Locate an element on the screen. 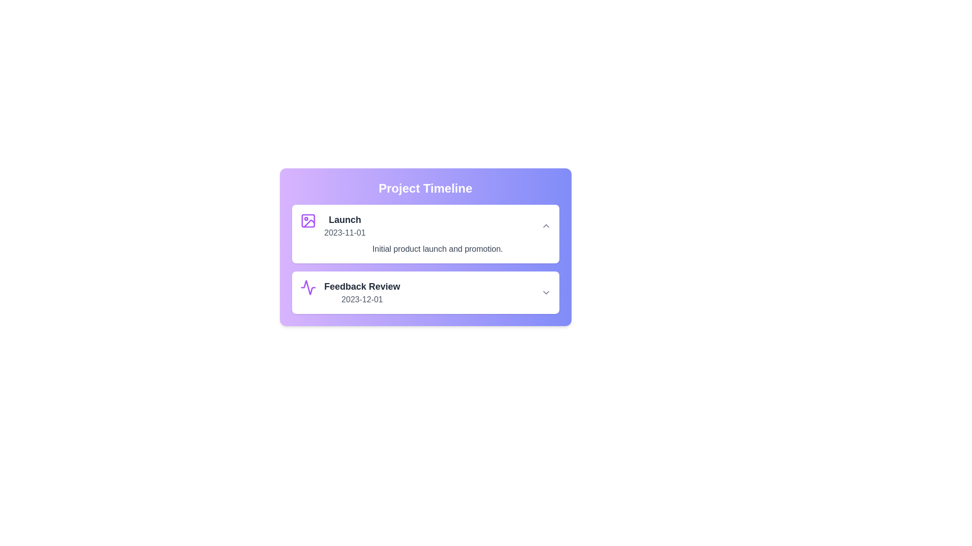 Image resolution: width=972 pixels, height=546 pixels. the timeline event display showing 'Feedback Review' with the date '2023-12-01', which is the second entry in the timeline interface is located at coordinates (362, 292).